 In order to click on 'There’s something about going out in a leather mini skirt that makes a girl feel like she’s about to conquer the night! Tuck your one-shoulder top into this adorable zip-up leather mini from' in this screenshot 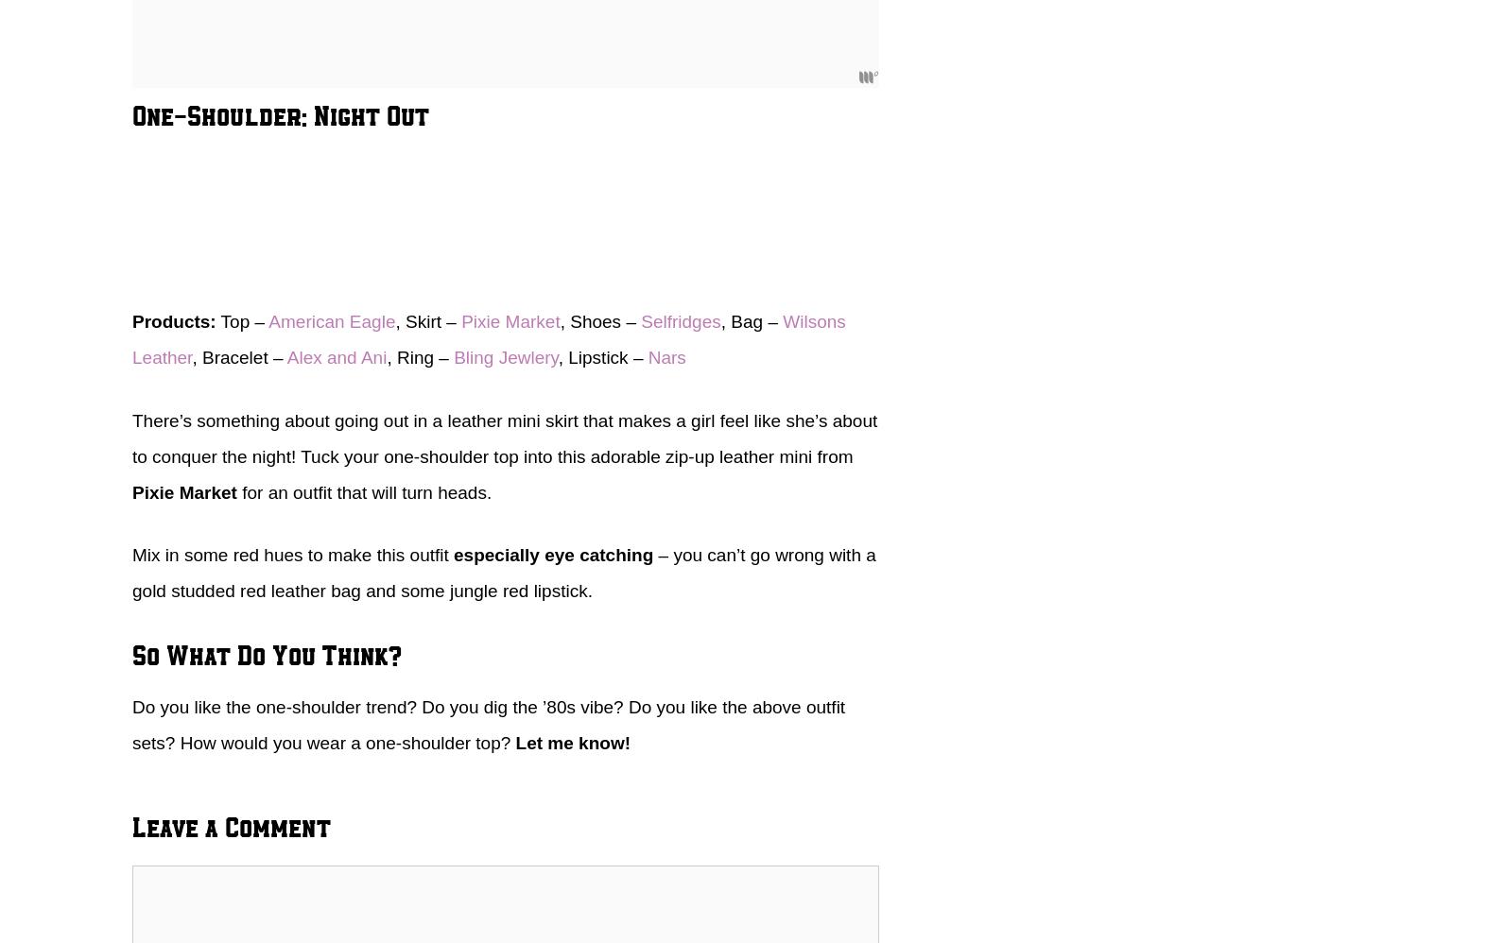, I will do `click(505, 437)`.